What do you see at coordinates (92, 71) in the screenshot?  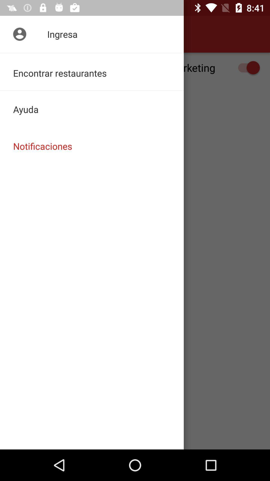 I see `the encontrar restaurantes icon` at bounding box center [92, 71].